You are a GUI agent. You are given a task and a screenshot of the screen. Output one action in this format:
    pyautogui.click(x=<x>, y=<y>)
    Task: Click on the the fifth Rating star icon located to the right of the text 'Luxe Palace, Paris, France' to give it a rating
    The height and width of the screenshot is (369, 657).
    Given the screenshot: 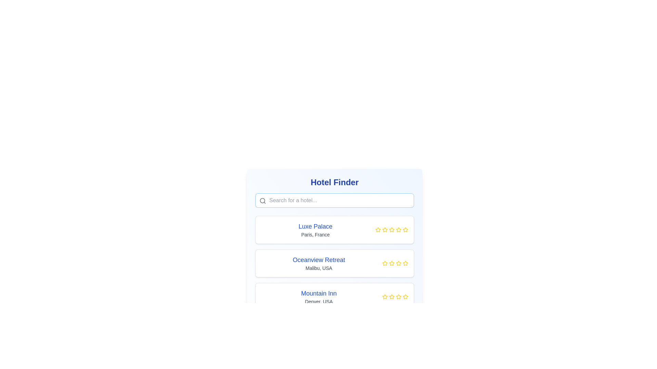 What is the action you would take?
    pyautogui.click(x=392, y=230)
    